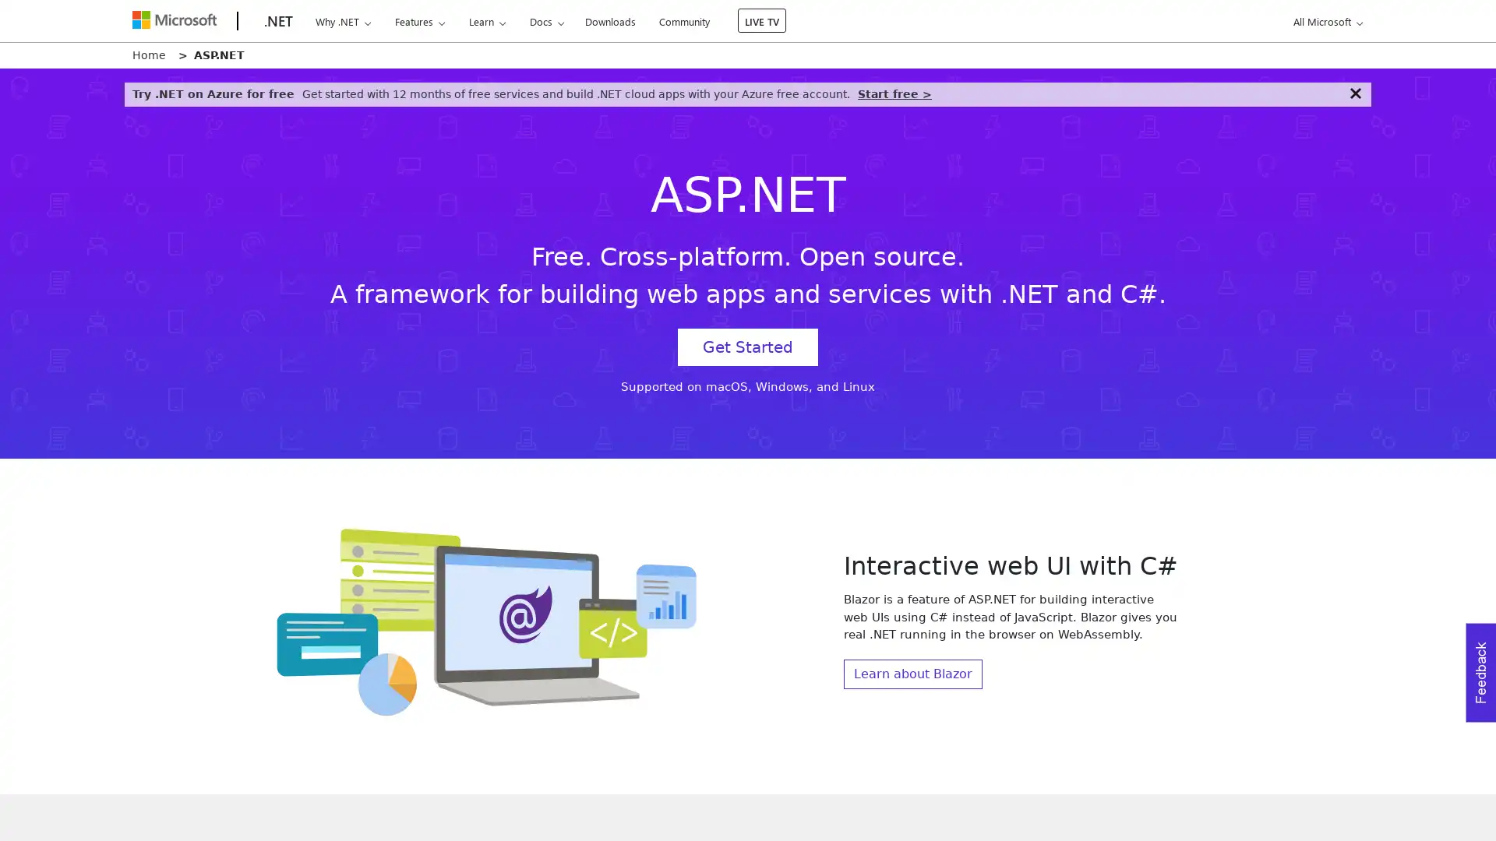  What do you see at coordinates (342, 21) in the screenshot?
I see `Why .NET` at bounding box center [342, 21].